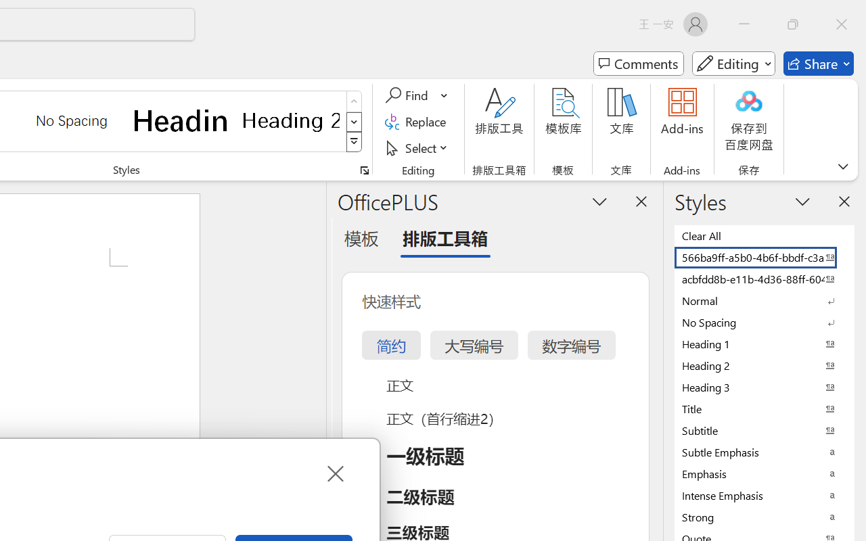 This screenshot has height=541, width=866. Describe the element at coordinates (793, 24) in the screenshot. I see `'Restore Down'` at that location.